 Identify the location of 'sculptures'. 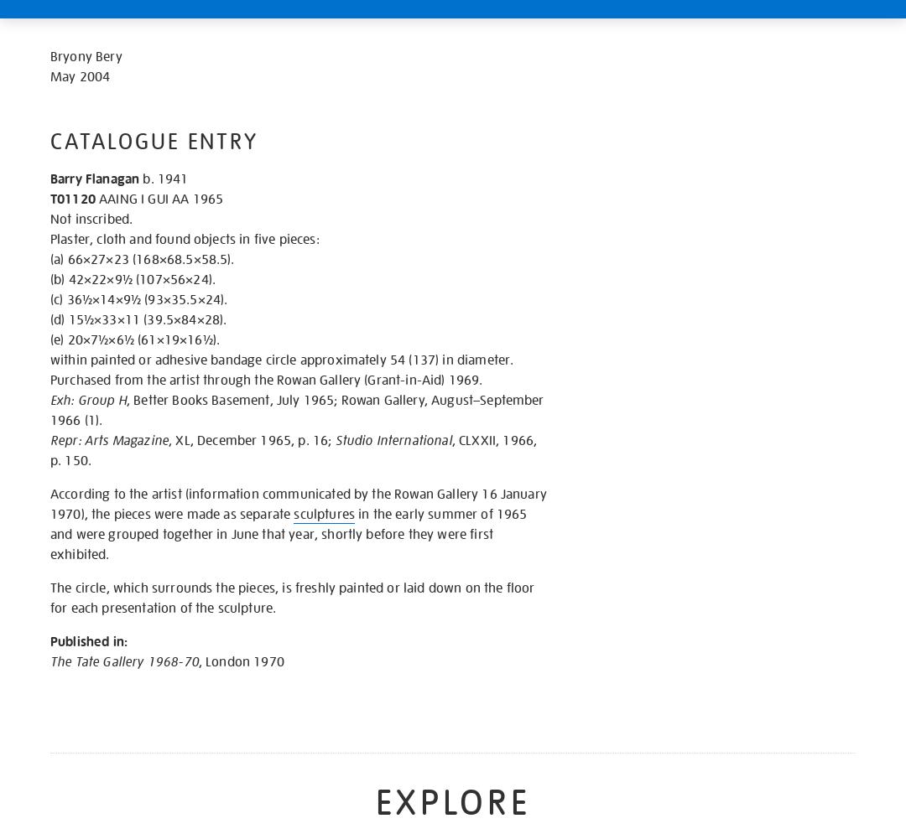
(324, 514).